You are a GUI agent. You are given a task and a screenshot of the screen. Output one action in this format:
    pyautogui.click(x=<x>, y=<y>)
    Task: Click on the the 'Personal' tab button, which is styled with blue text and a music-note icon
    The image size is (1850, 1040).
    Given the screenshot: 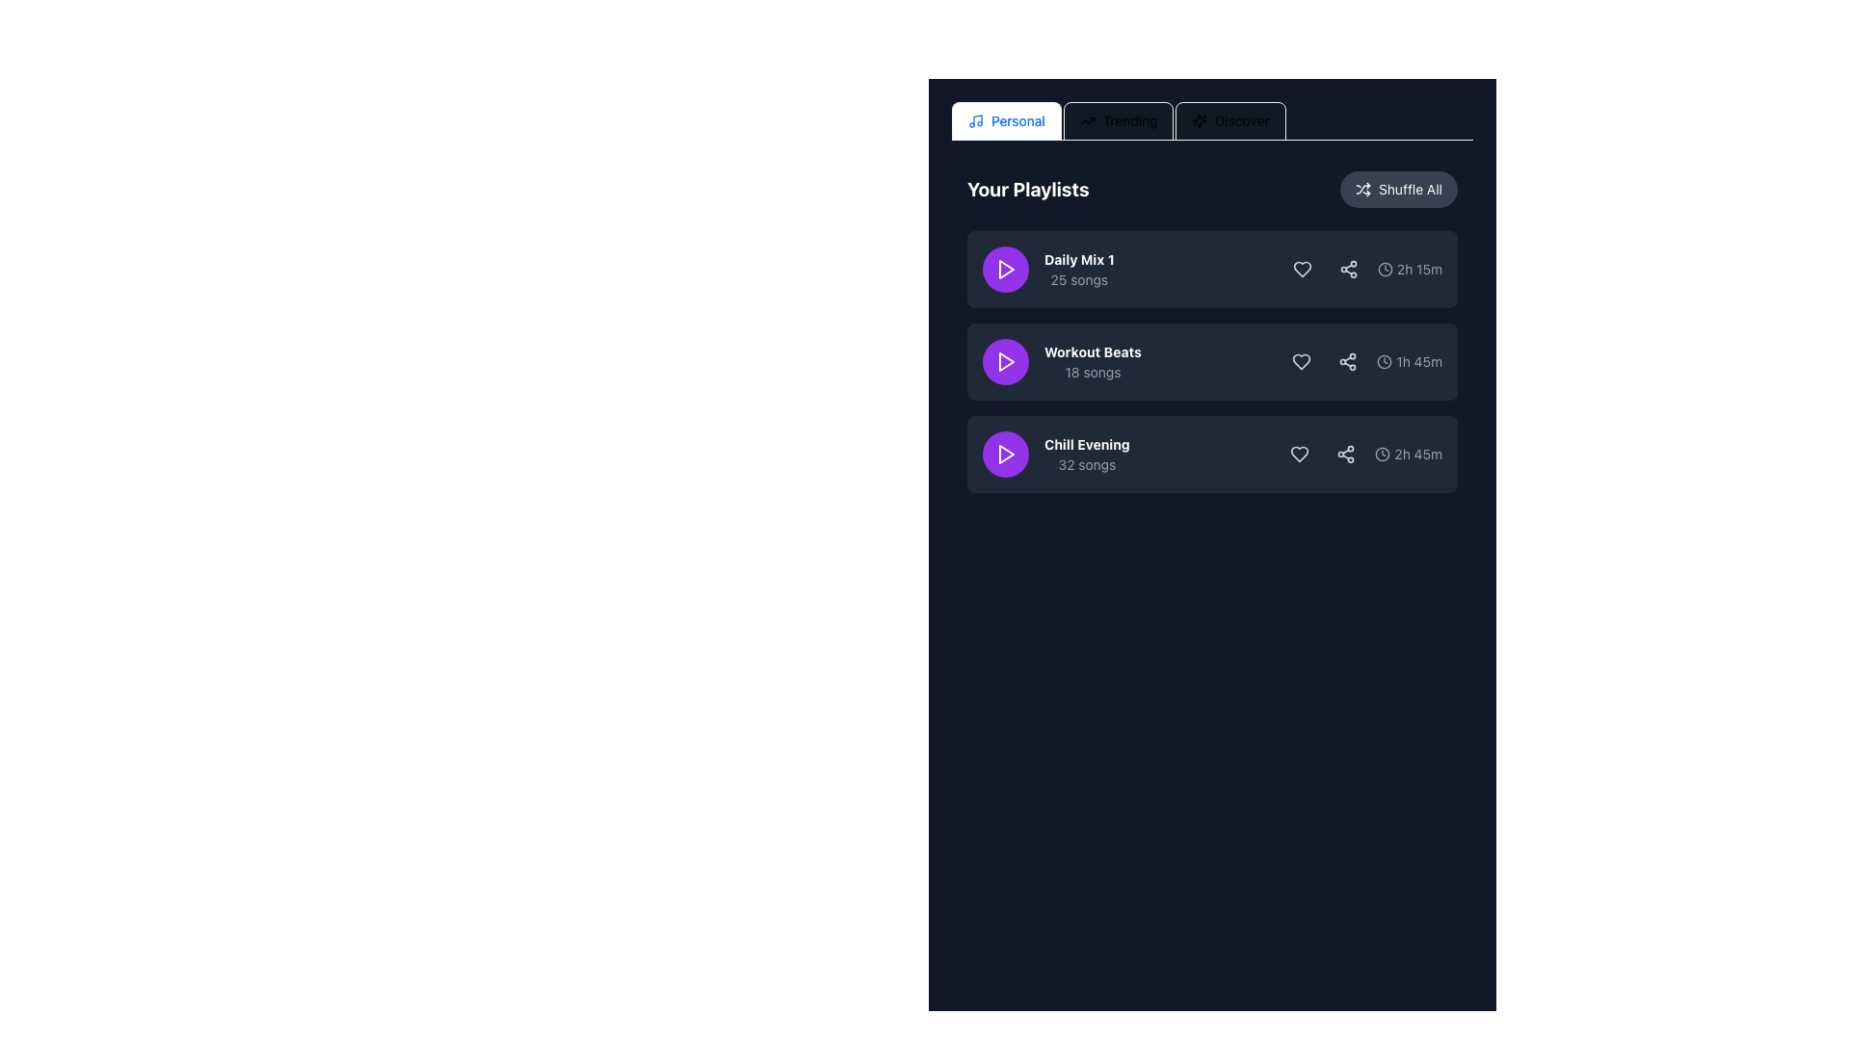 What is the action you would take?
    pyautogui.click(x=1005, y=121)
    